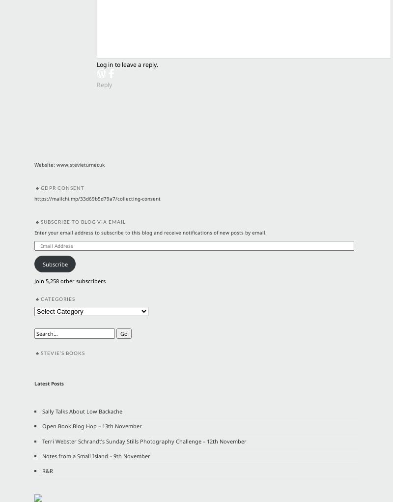 The image size is (393, 502). What do you see at coordinates (96, 64) in the screenshot?
I see `'Log in to leave a reply.'` at bounding box center [96, 64].